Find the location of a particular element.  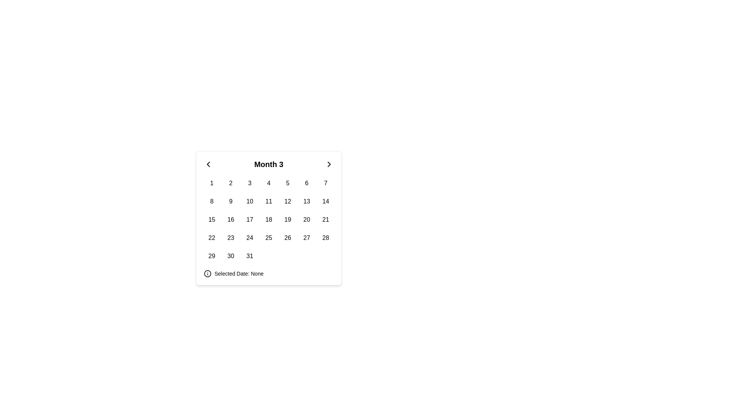

the 30th day cell in the calendar located in the 5th row and 2nd column is located at coordinates (230, 256).